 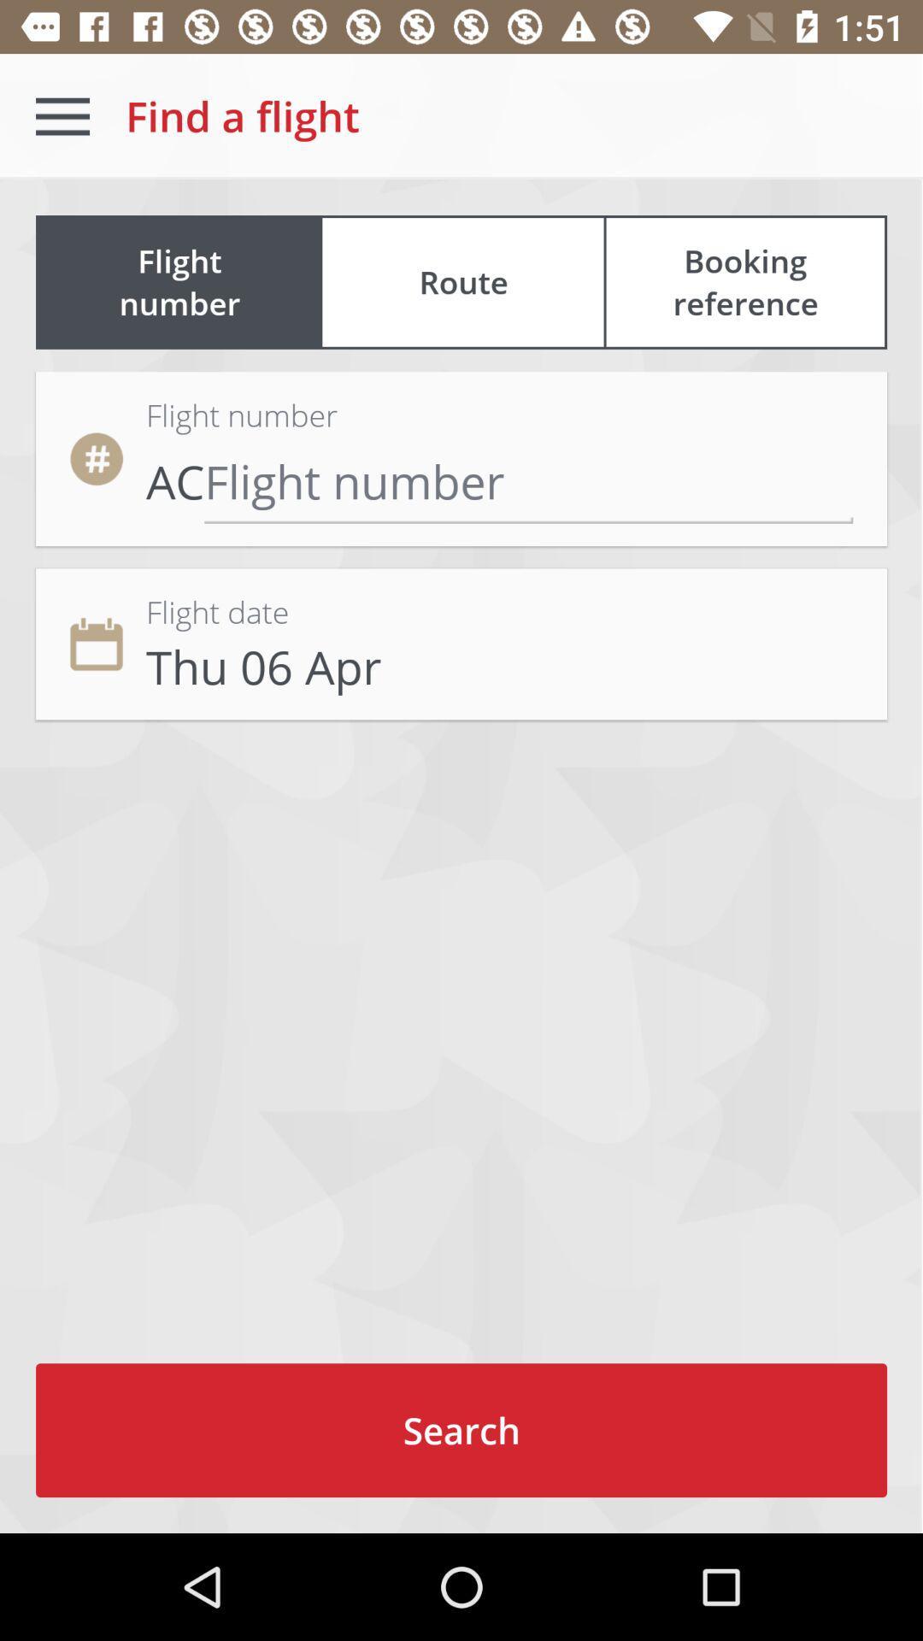 I want to click on icon at the top right corner, so click(x=744, y=282).